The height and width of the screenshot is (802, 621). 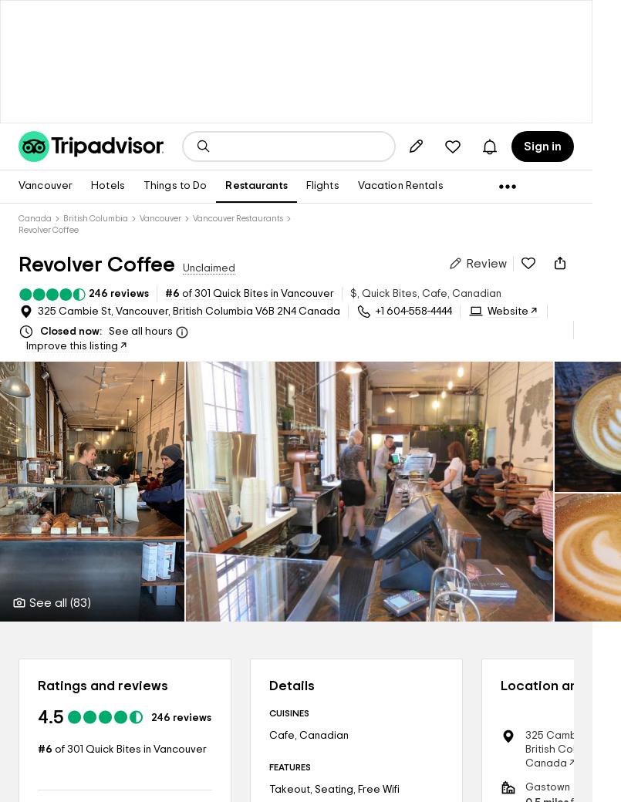 What do you see at coordinates (107, 185) in the screenshot?
I see `'Hotels'` at bounding box center [107, 185].